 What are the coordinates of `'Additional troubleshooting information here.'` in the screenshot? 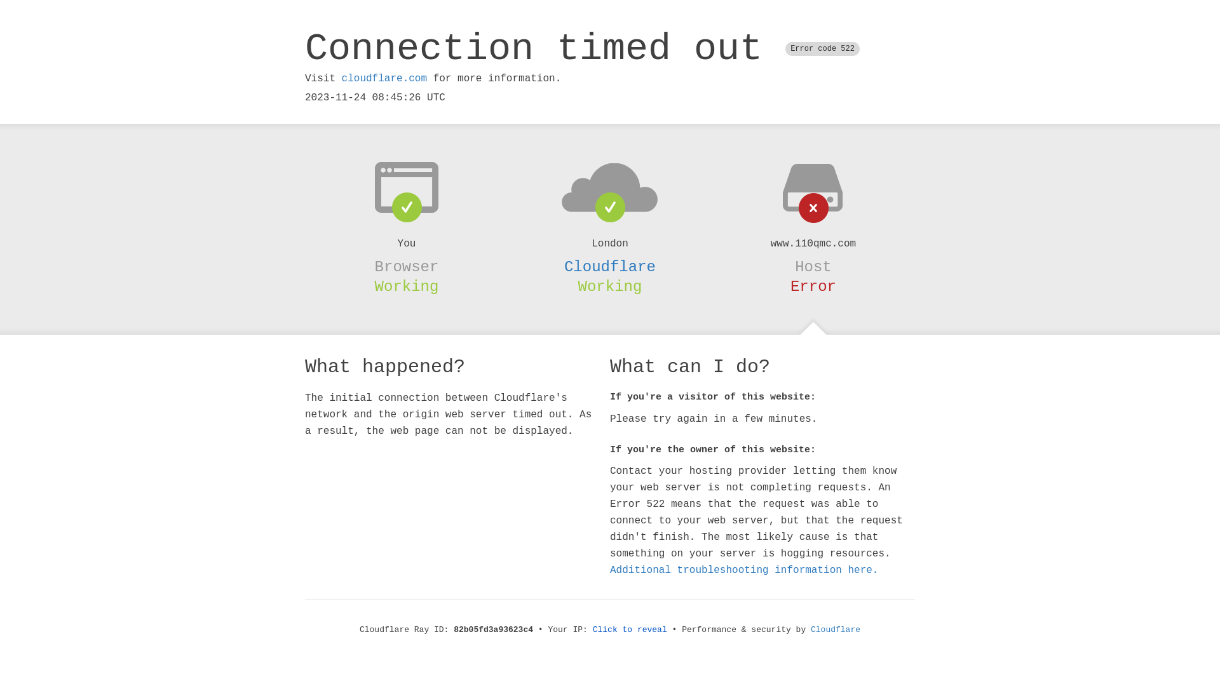 It's located at (610, 570).